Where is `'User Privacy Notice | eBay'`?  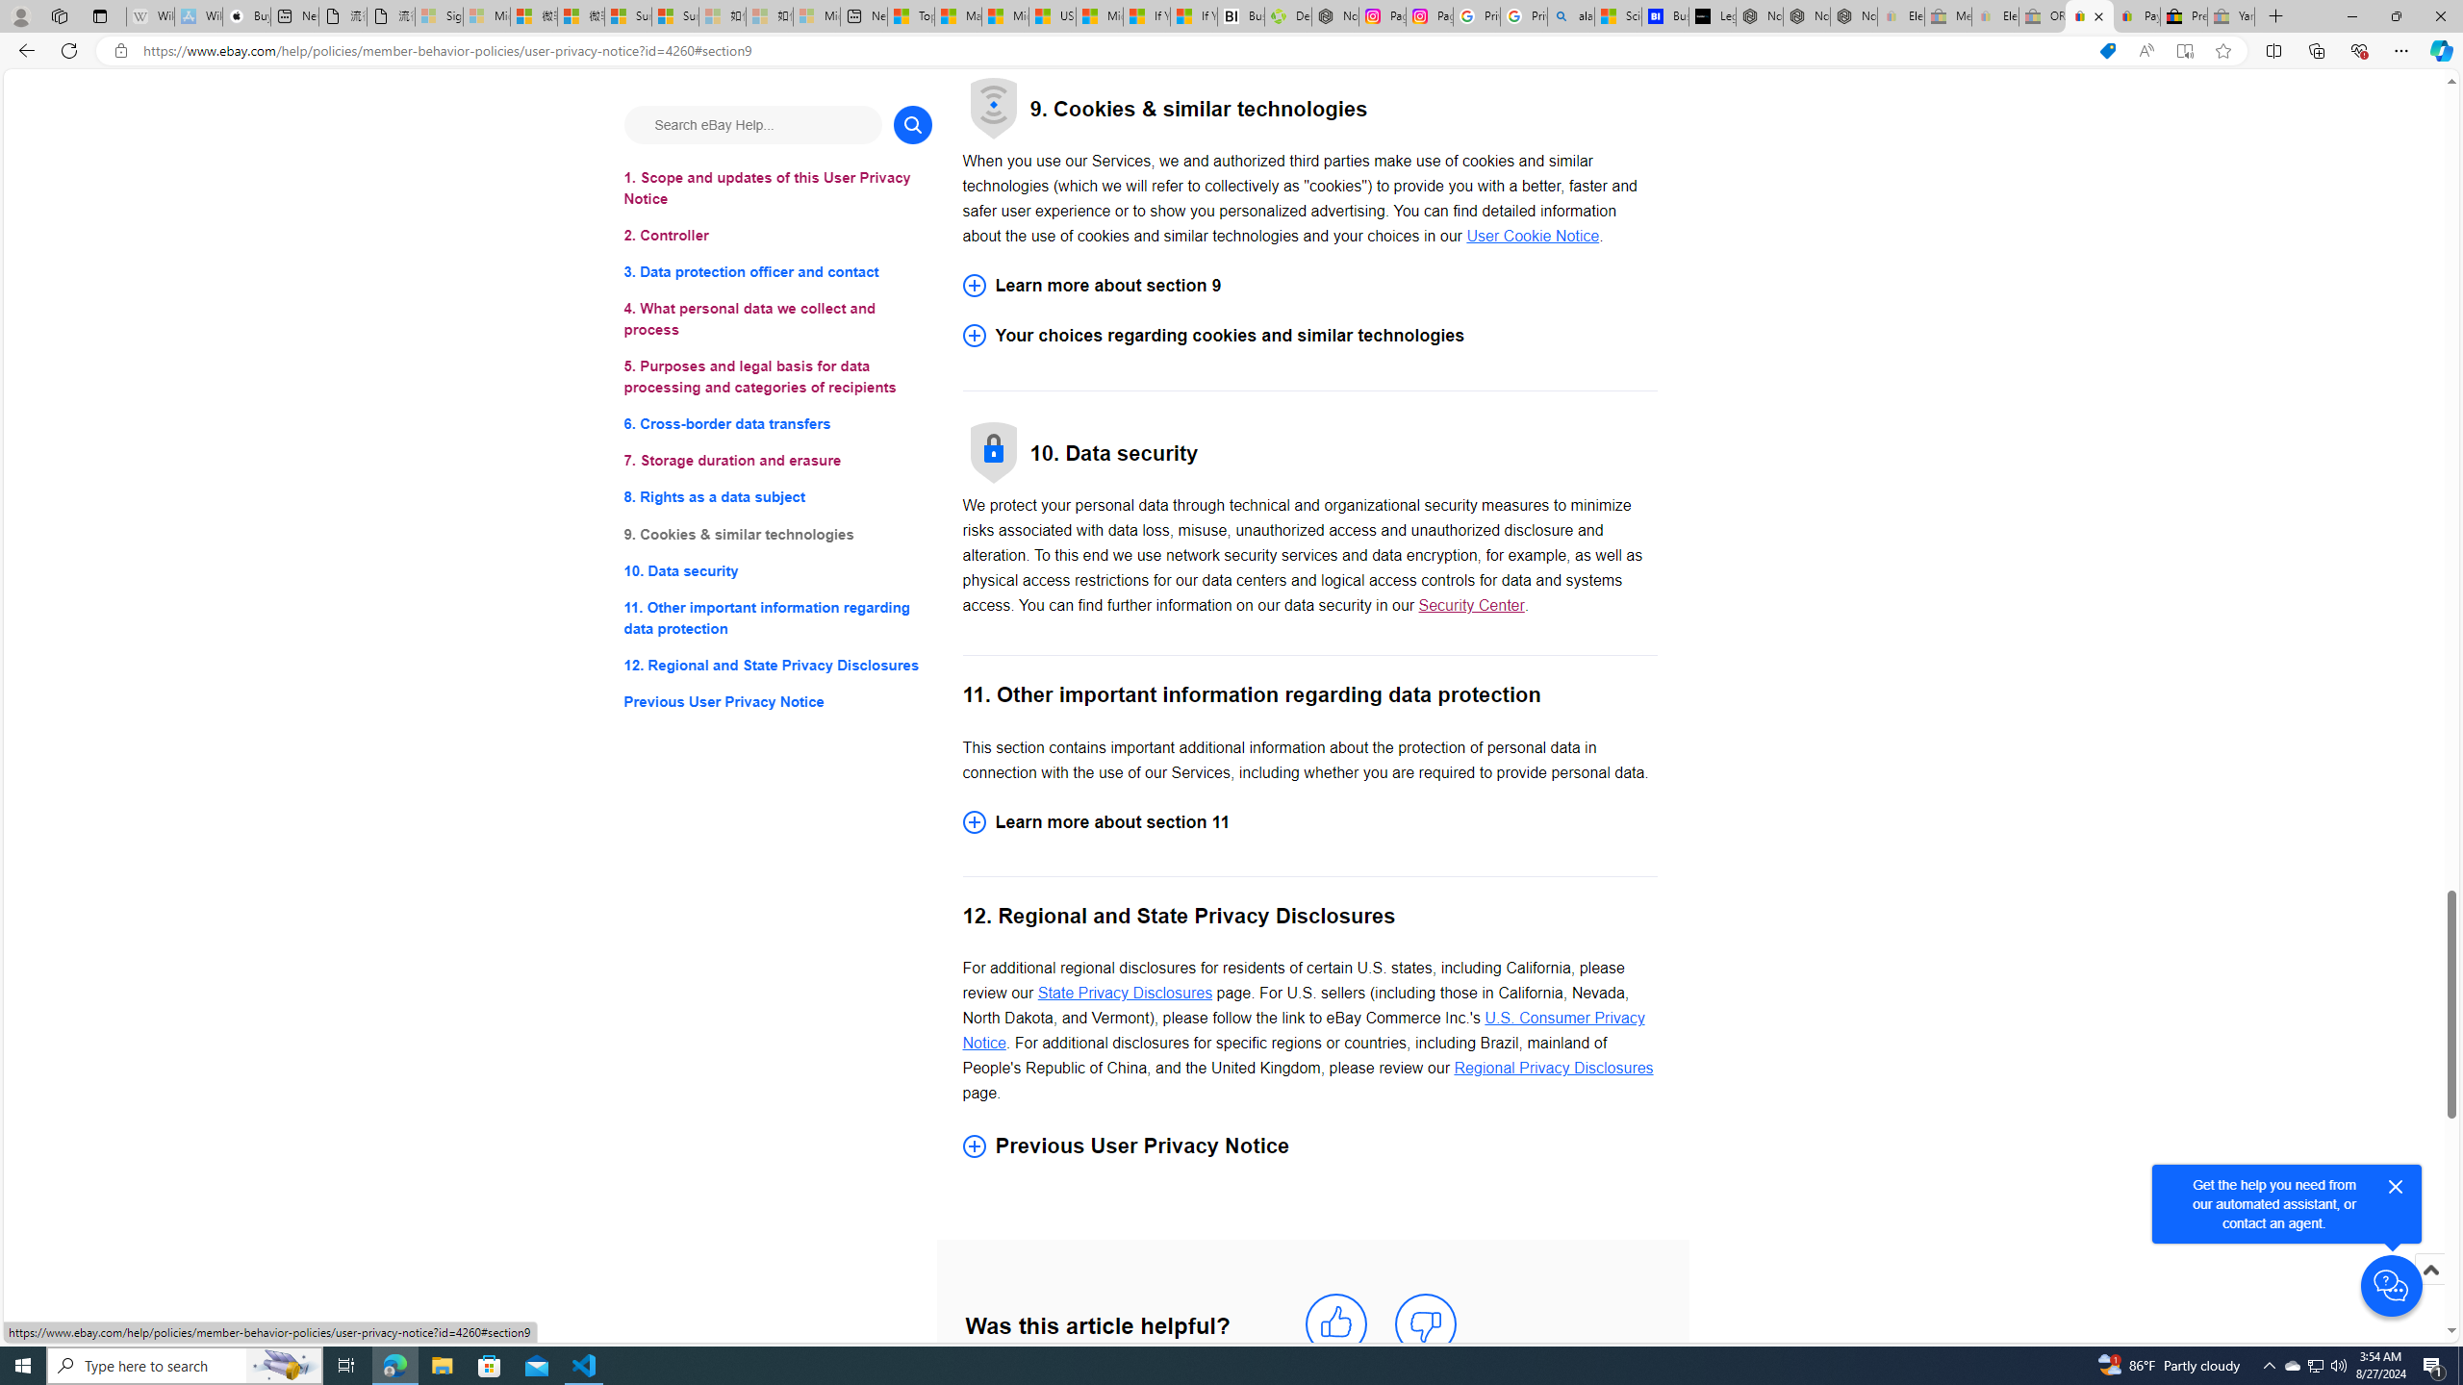 'User Privacy Notice | eBay' is located at coordinates (2090, 15).